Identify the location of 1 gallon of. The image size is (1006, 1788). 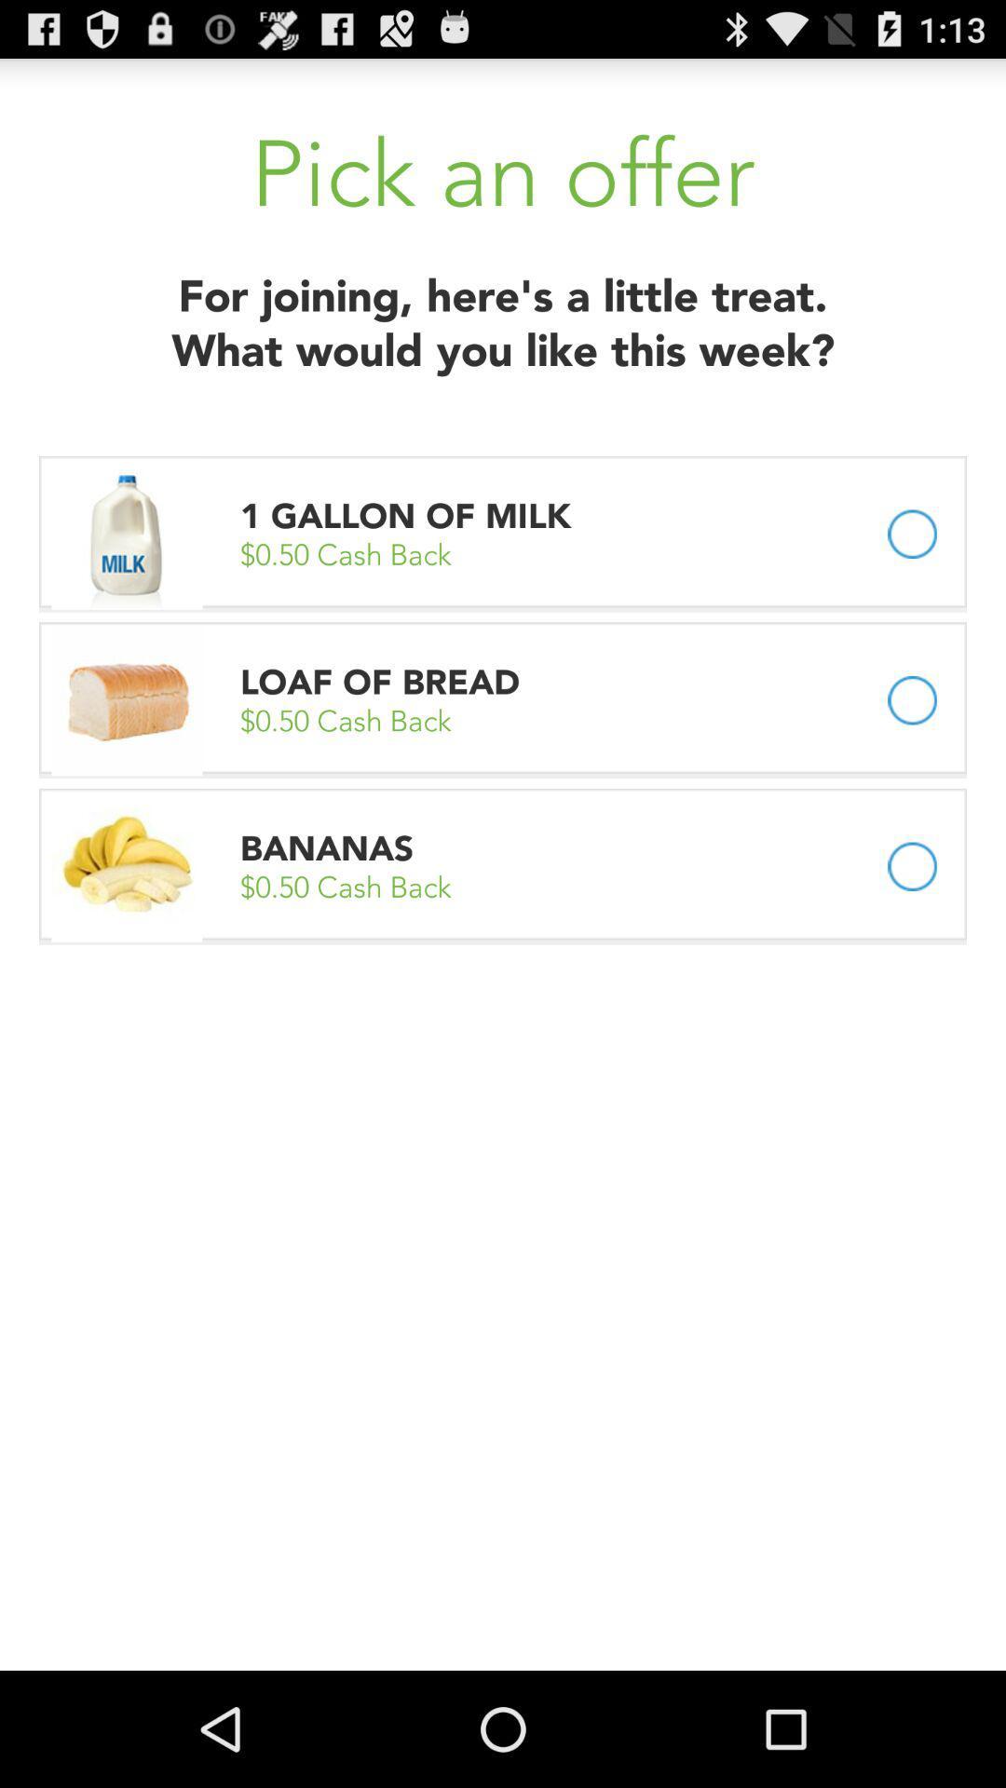
(409, 516).